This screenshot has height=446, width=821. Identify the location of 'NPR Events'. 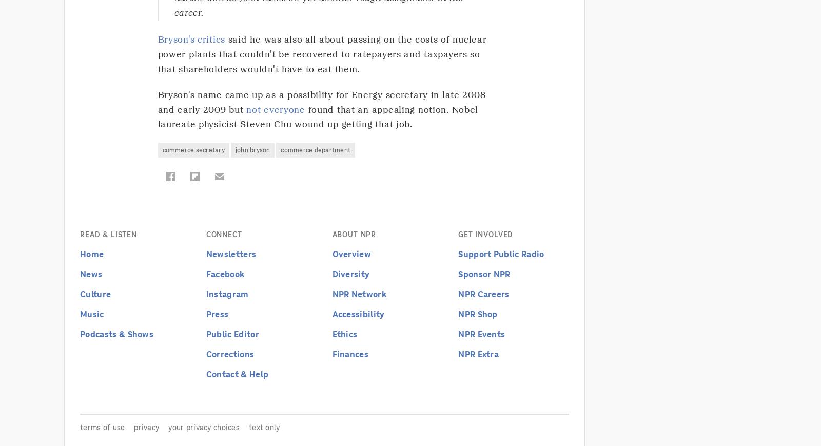
(481, 334).